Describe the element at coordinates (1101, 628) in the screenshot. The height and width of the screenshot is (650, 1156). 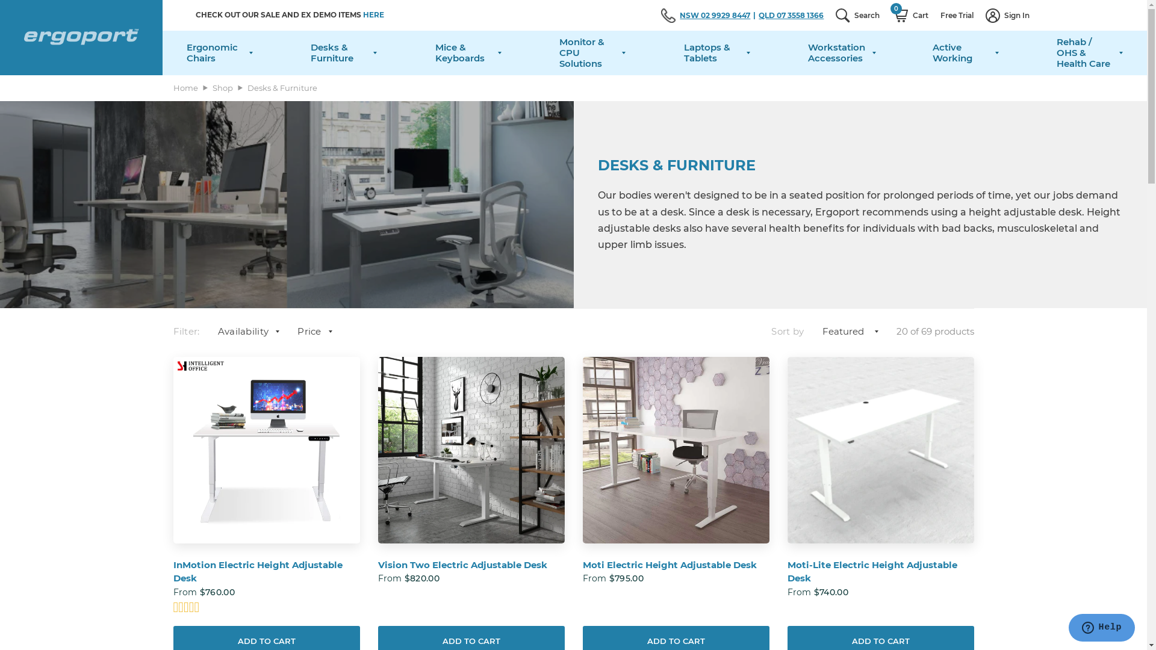
I see `'Opens a widget where you can chat to one of our agents'` at that location.